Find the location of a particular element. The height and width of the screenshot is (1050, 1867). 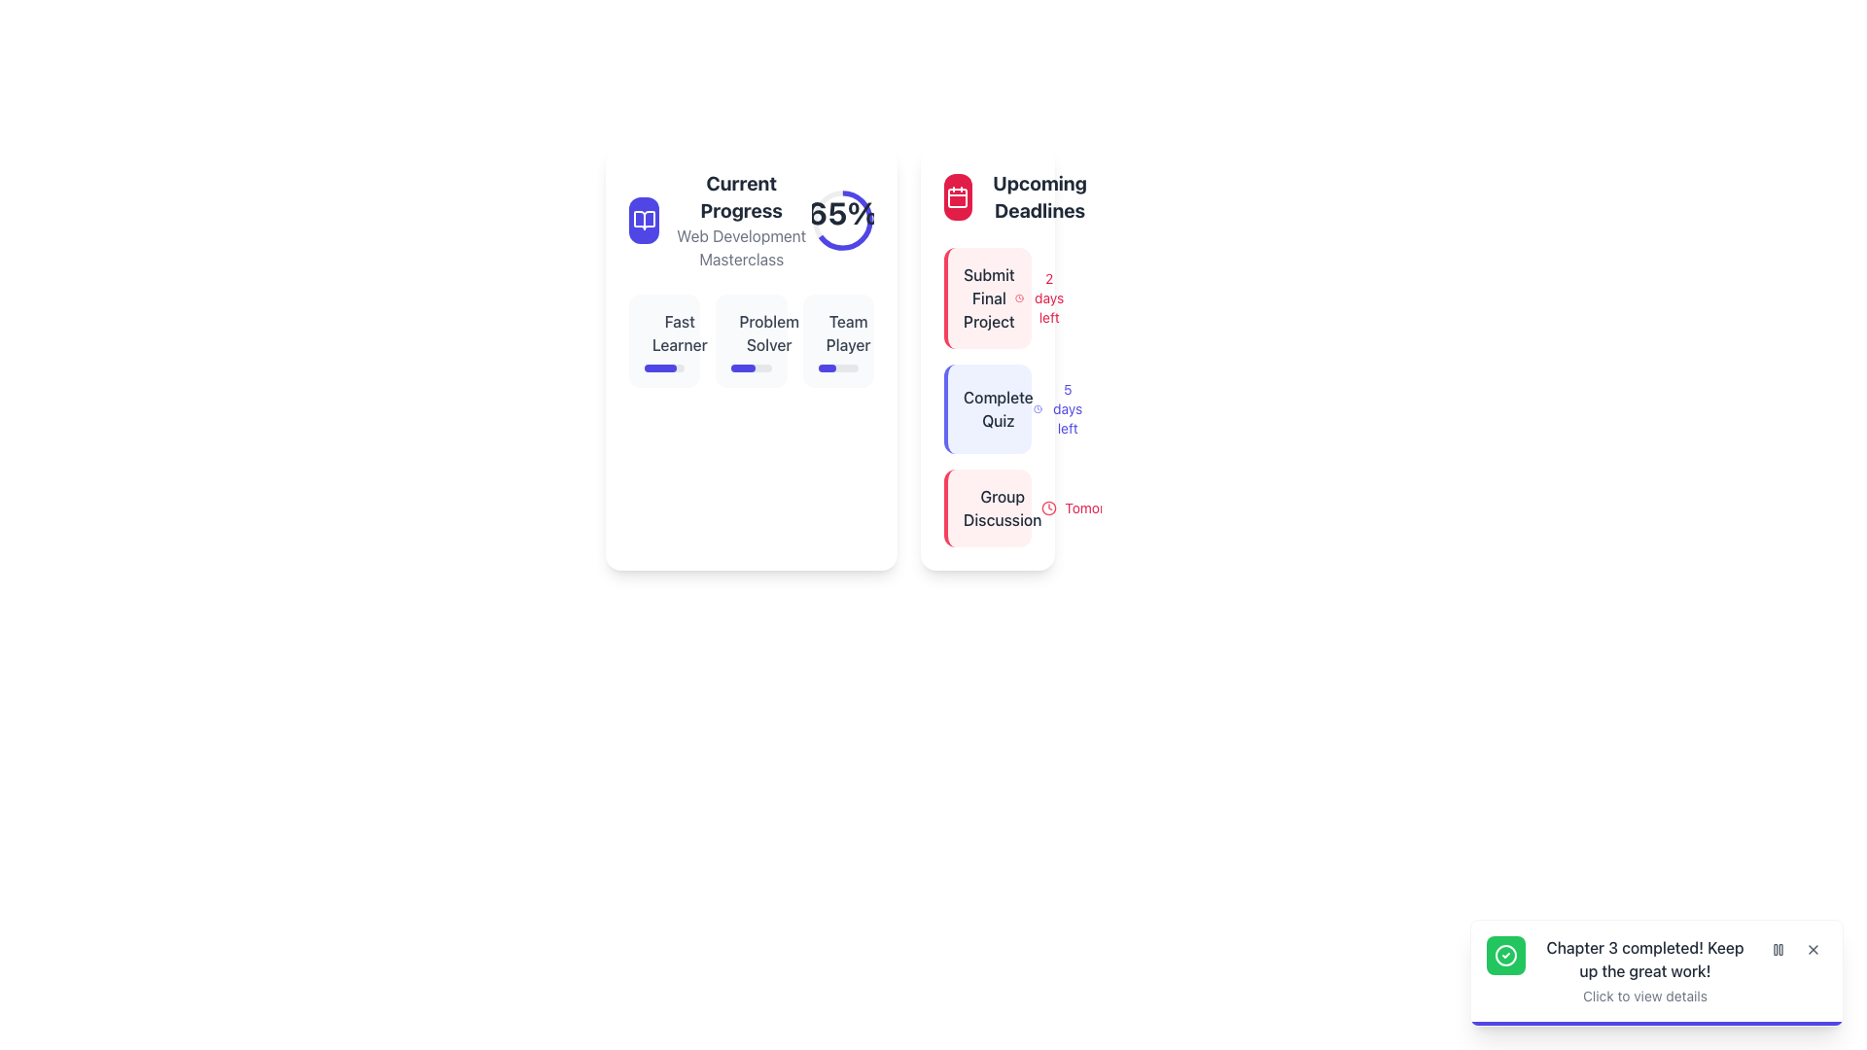

the circular progress indicator displaying '65%' in the 'Current Progress' card, located near the top right of the card layout is located at coordinates (843, 220).